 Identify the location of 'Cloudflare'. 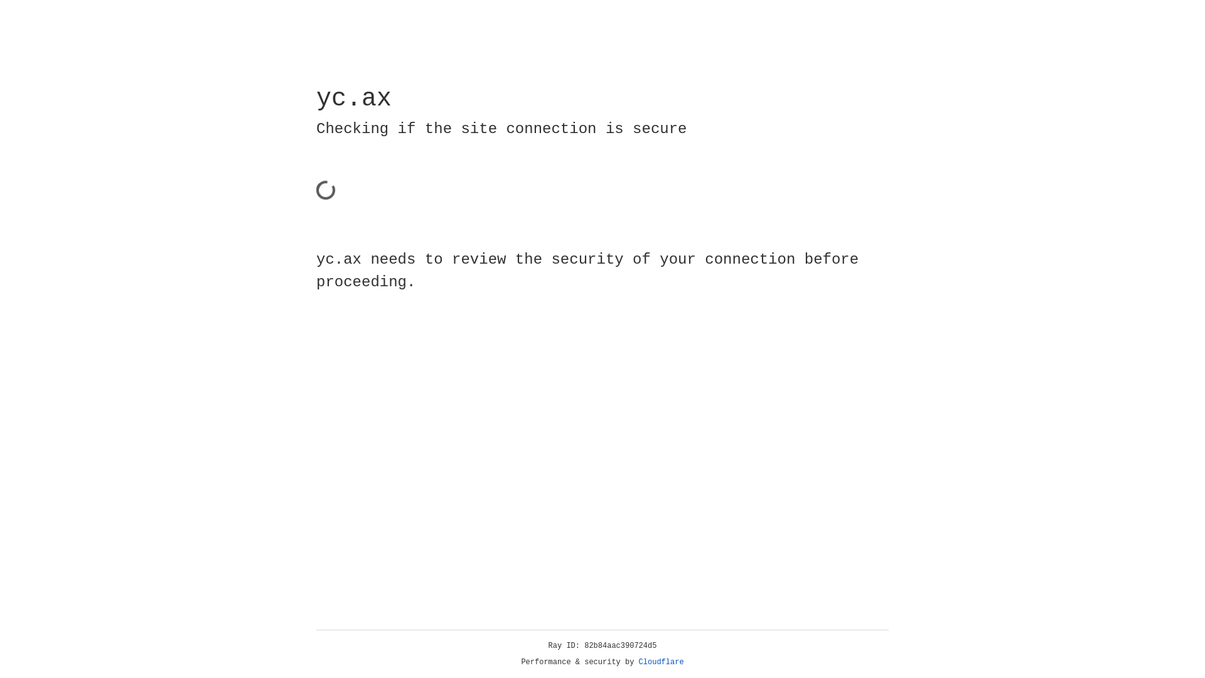
(661, 662).